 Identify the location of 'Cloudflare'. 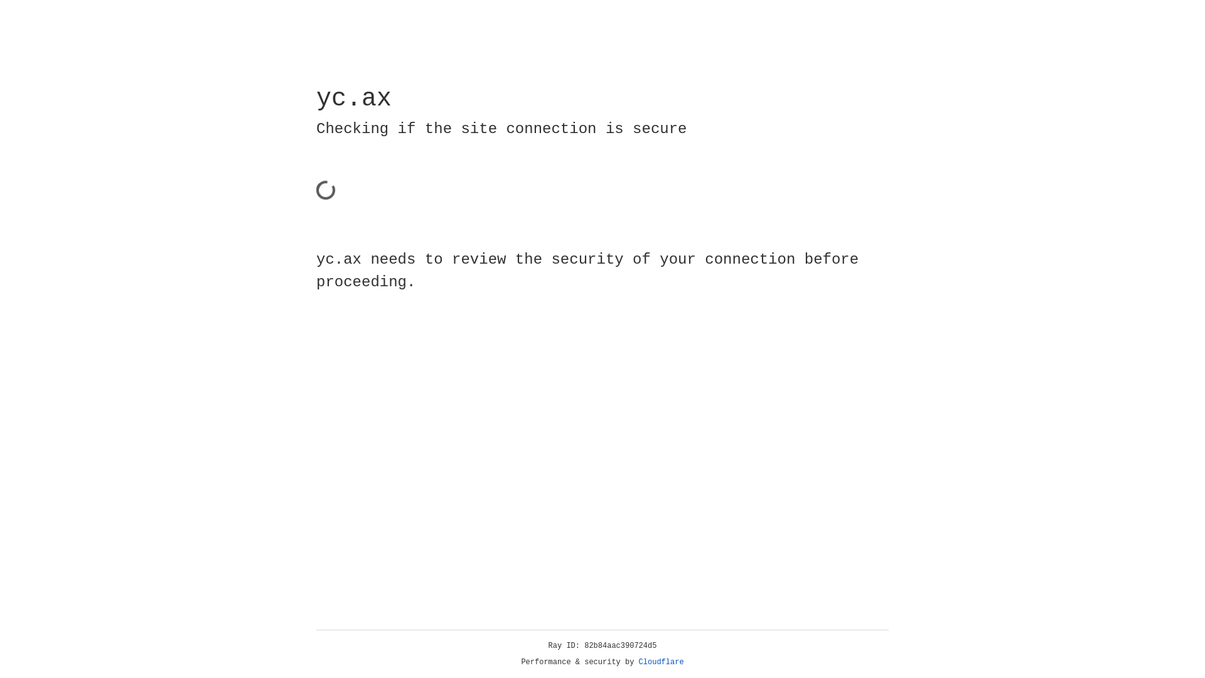
(661, 662).